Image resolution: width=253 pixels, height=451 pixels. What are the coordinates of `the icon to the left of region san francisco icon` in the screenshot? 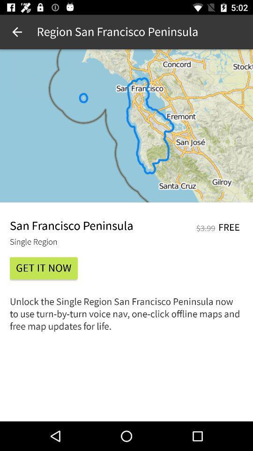 It's located at (17, 32).